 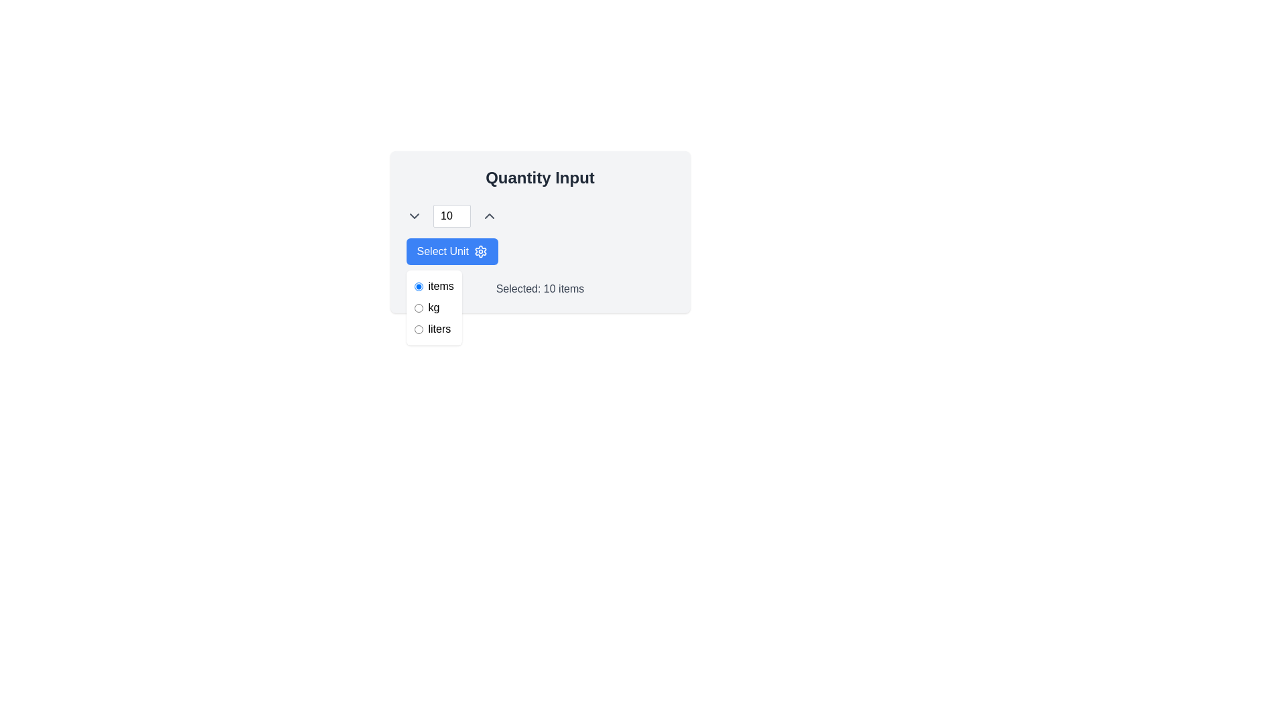 I want to click on the blue button labeled 'Select Unit' located below the numeric input field for quantity adjustment, so click(x=452, y=251).